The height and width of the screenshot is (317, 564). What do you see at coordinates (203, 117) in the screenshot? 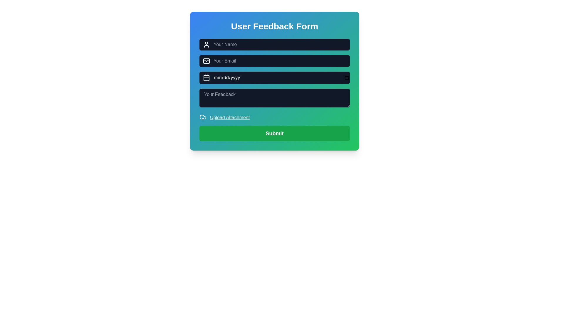
I see `the curved line resembling a cloud, which is part of the upload icon next to the 'Upload Attachment' text link` at bounding box center [203, 117].